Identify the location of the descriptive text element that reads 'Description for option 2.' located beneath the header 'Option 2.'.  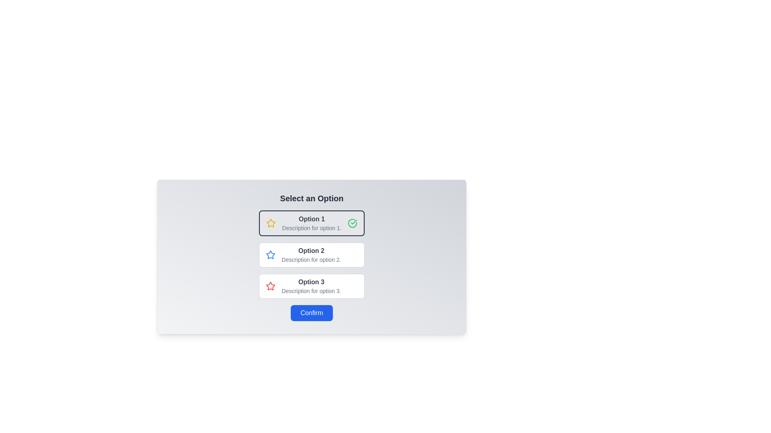
(311, 260).